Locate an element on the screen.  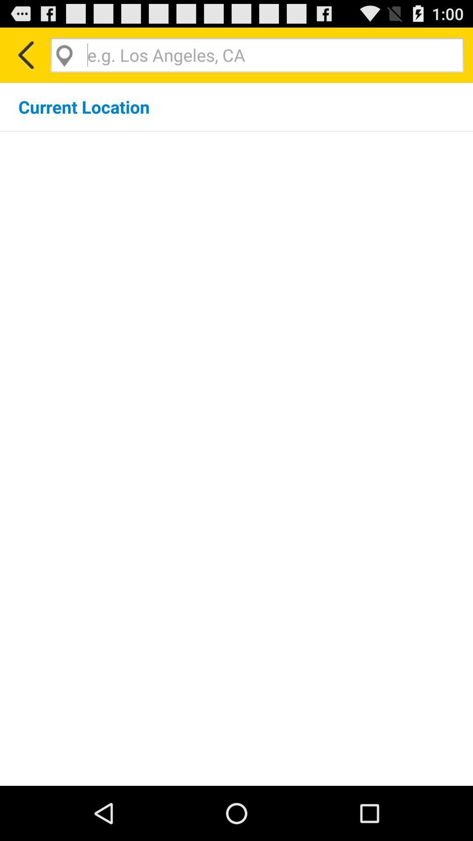
search is located at coordinates (257, 54).